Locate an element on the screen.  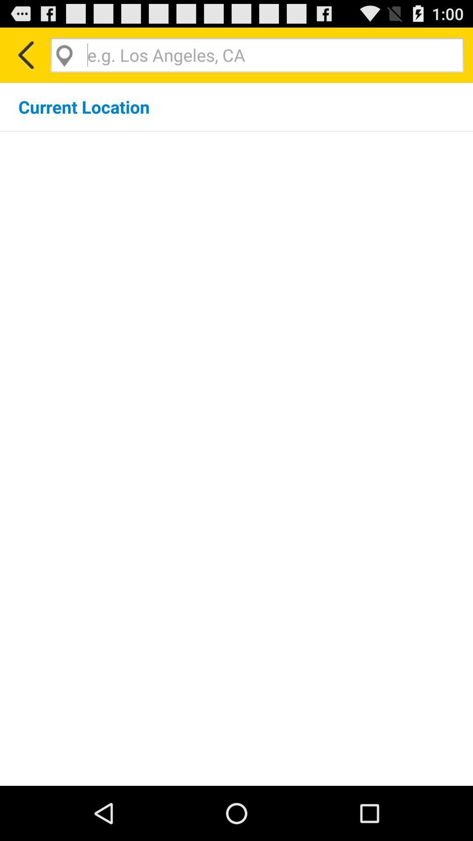
search is located at coordinates (257, 54).